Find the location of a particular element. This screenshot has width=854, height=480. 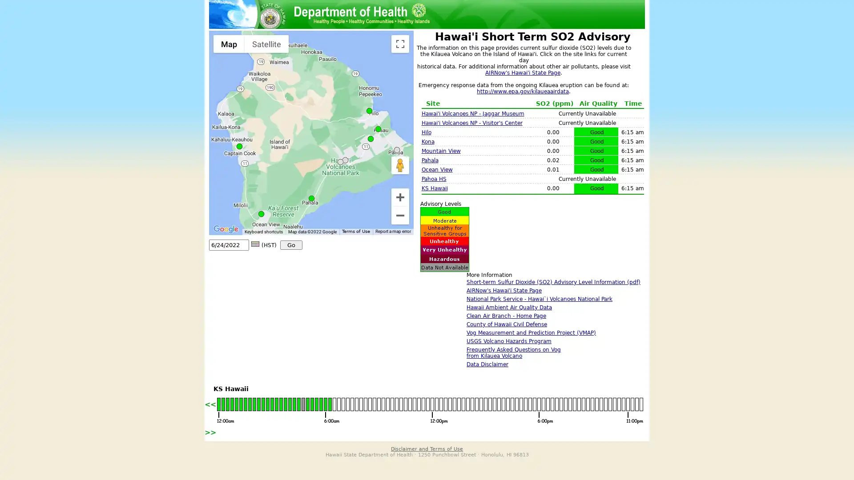

Zoom in is located at coordinates (400, 196).